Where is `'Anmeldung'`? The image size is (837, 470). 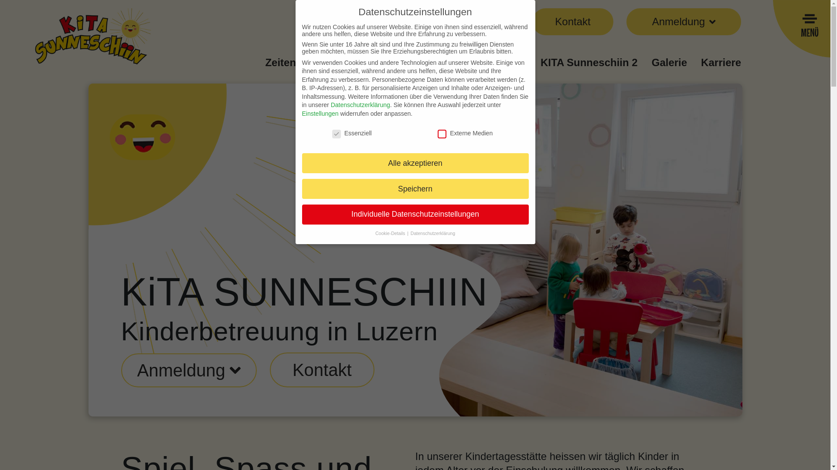
'Anmeldung' is located at coordinates (136, 370).